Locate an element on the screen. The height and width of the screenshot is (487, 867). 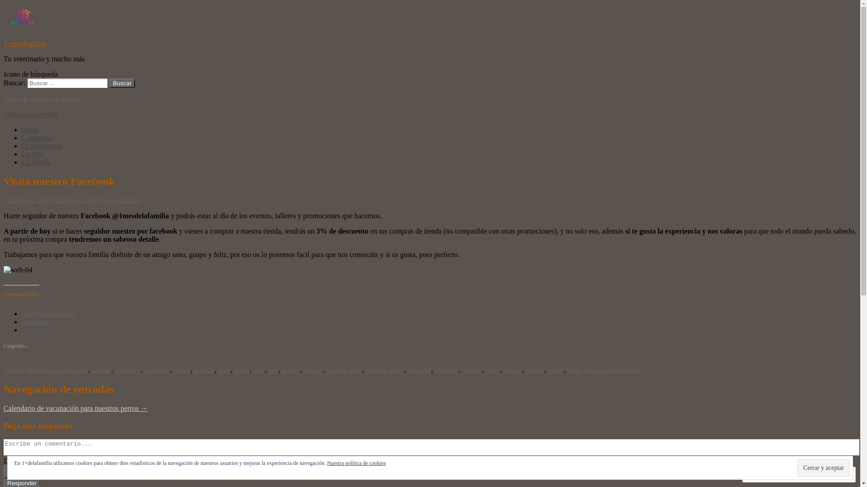
'Inicio' is located at coordinates (30, 129).